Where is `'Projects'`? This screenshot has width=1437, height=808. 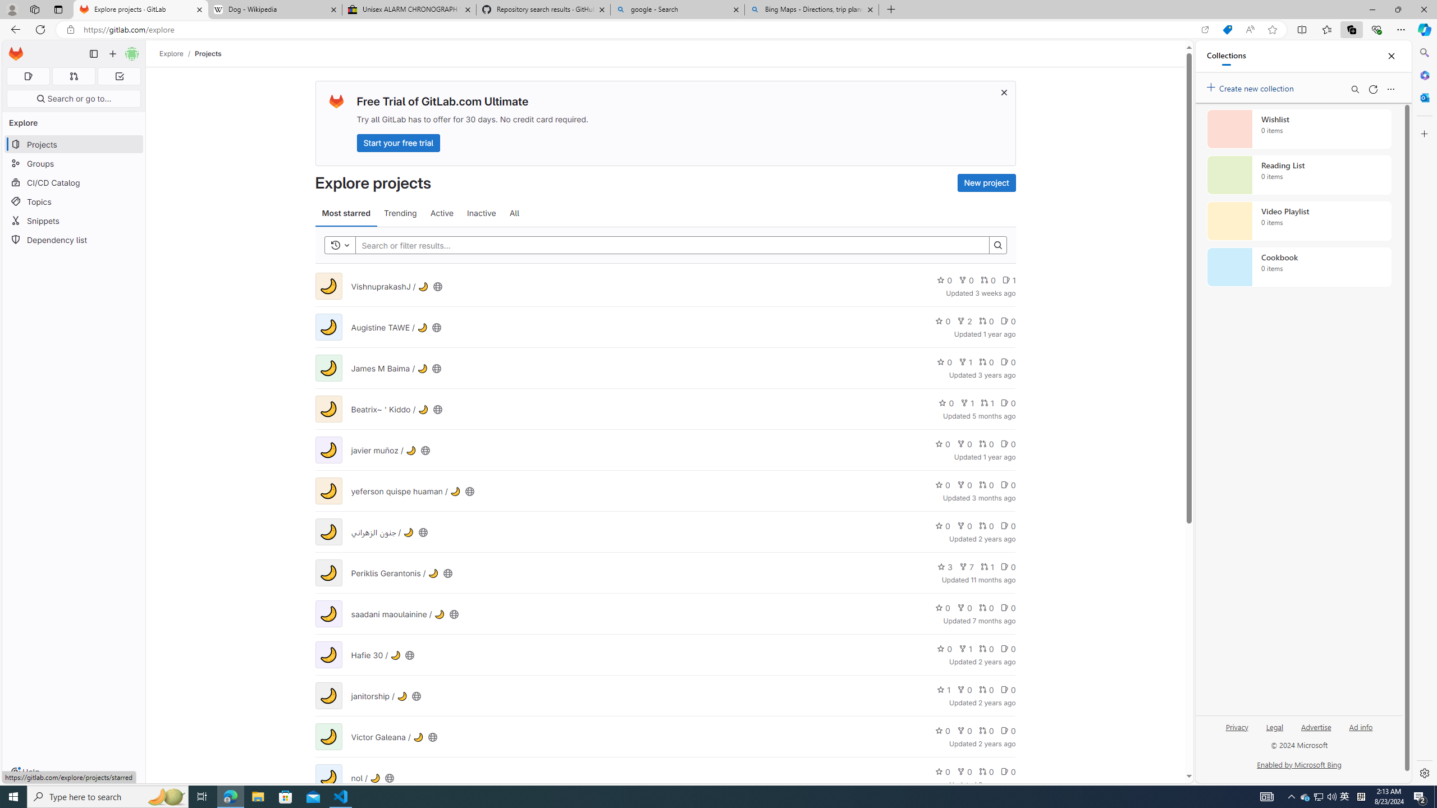 'Projects' is located at coordinates (208, 53).